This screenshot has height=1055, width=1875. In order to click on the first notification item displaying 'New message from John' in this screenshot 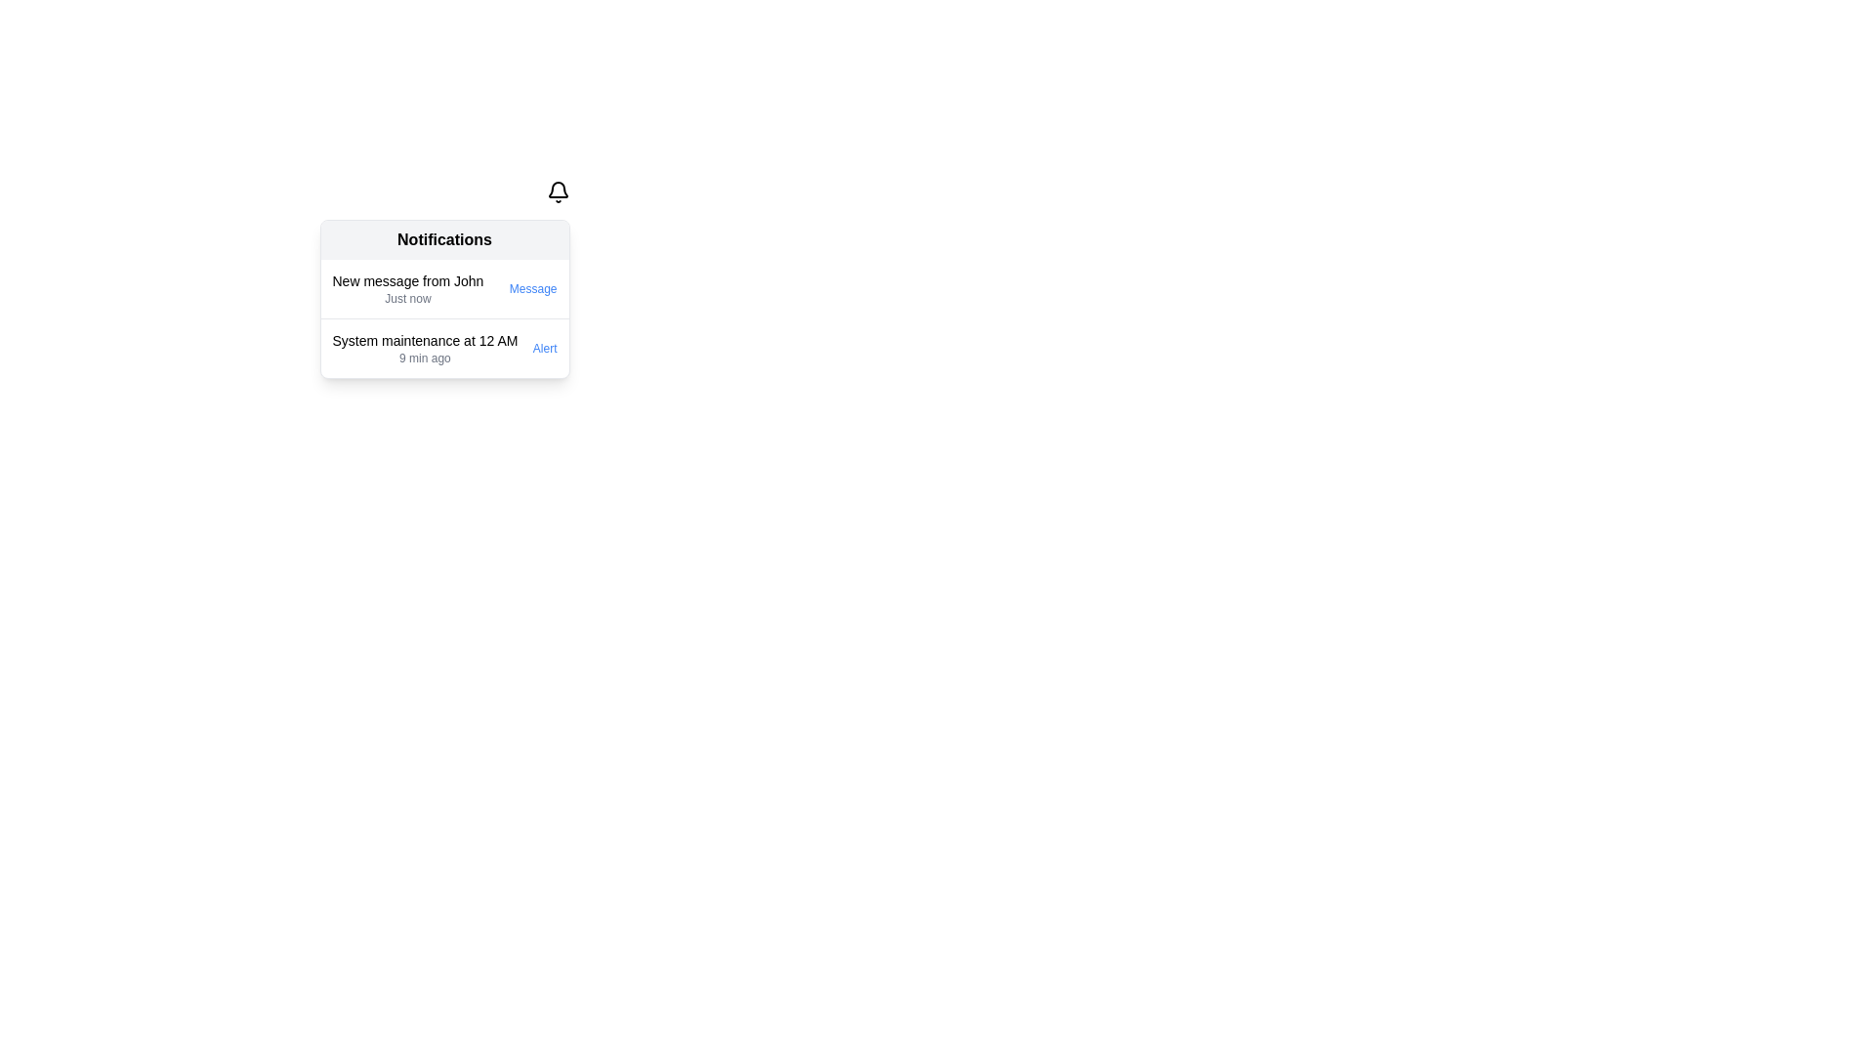, I will do `click(406, 289)`.